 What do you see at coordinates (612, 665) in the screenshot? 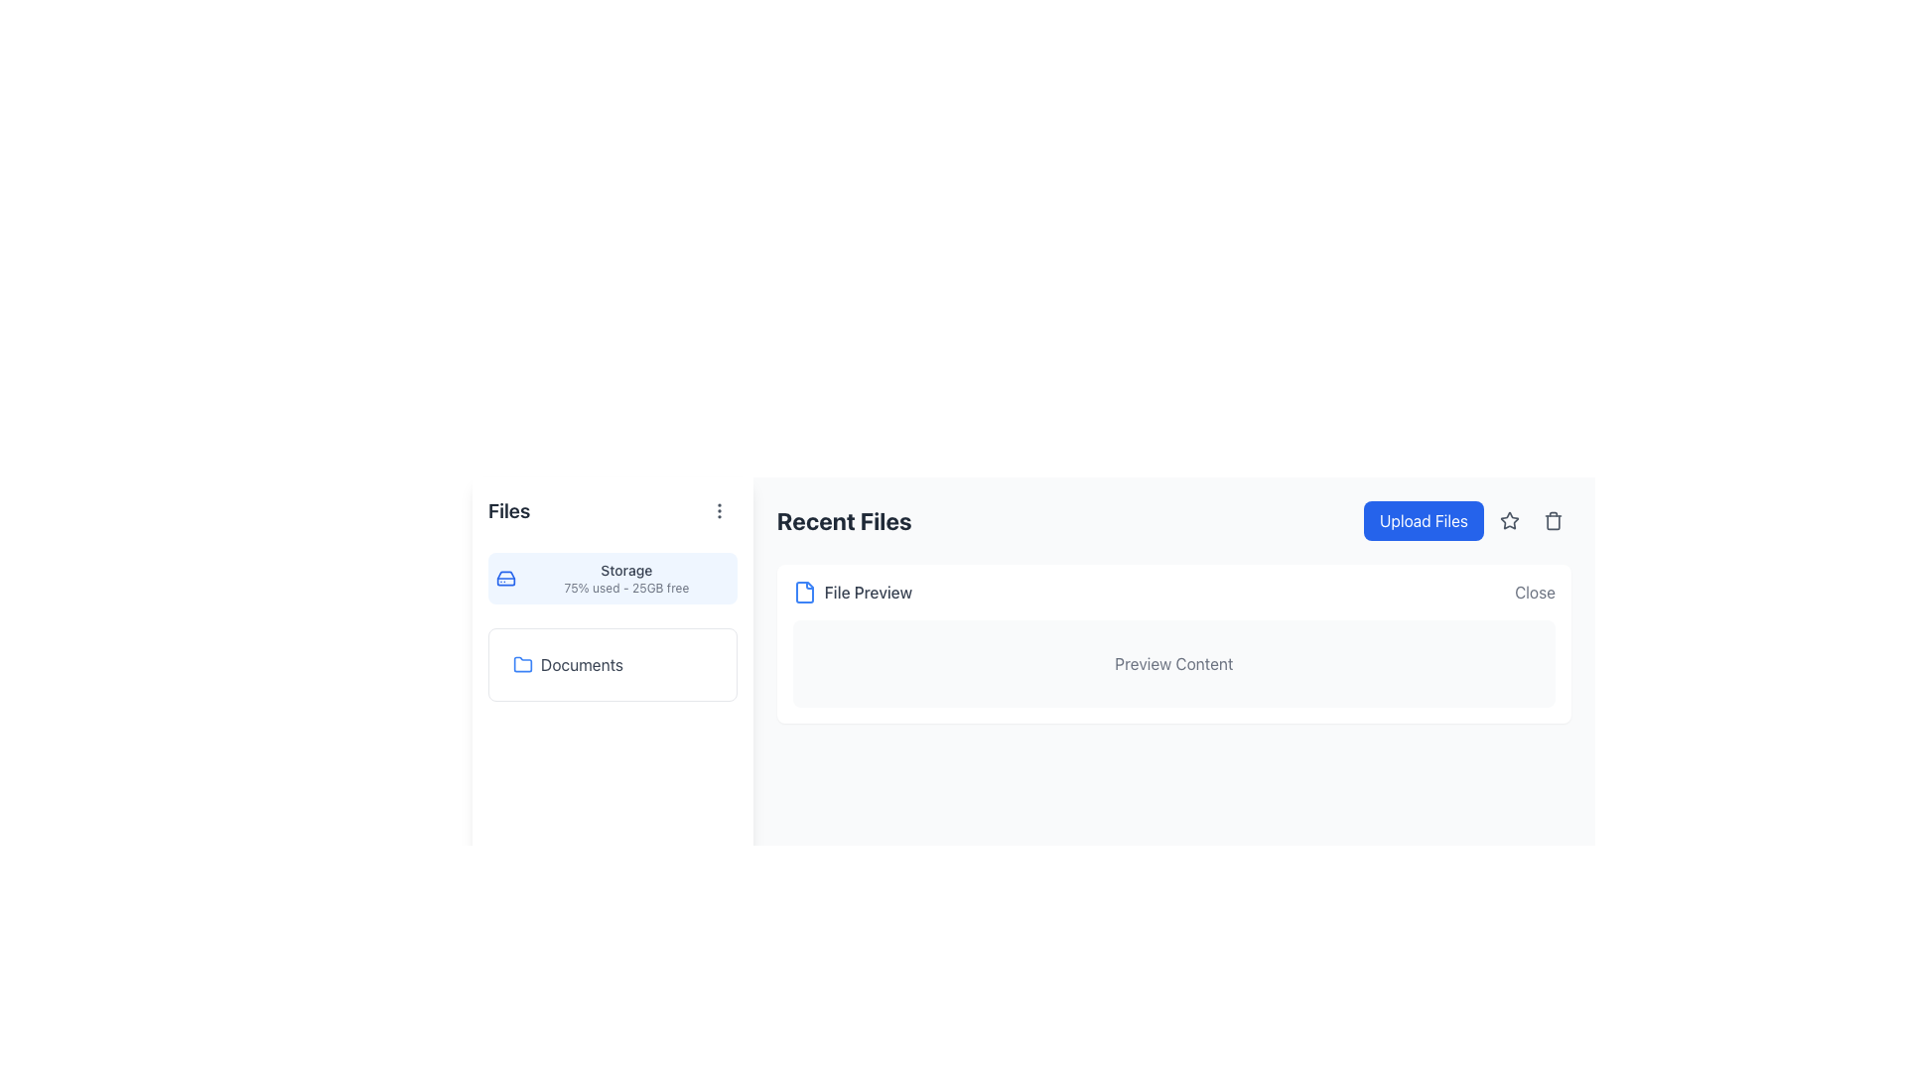
I see `the first clickable list entry in the left panel labeled 'Files'` at bounding box center [612, 665].